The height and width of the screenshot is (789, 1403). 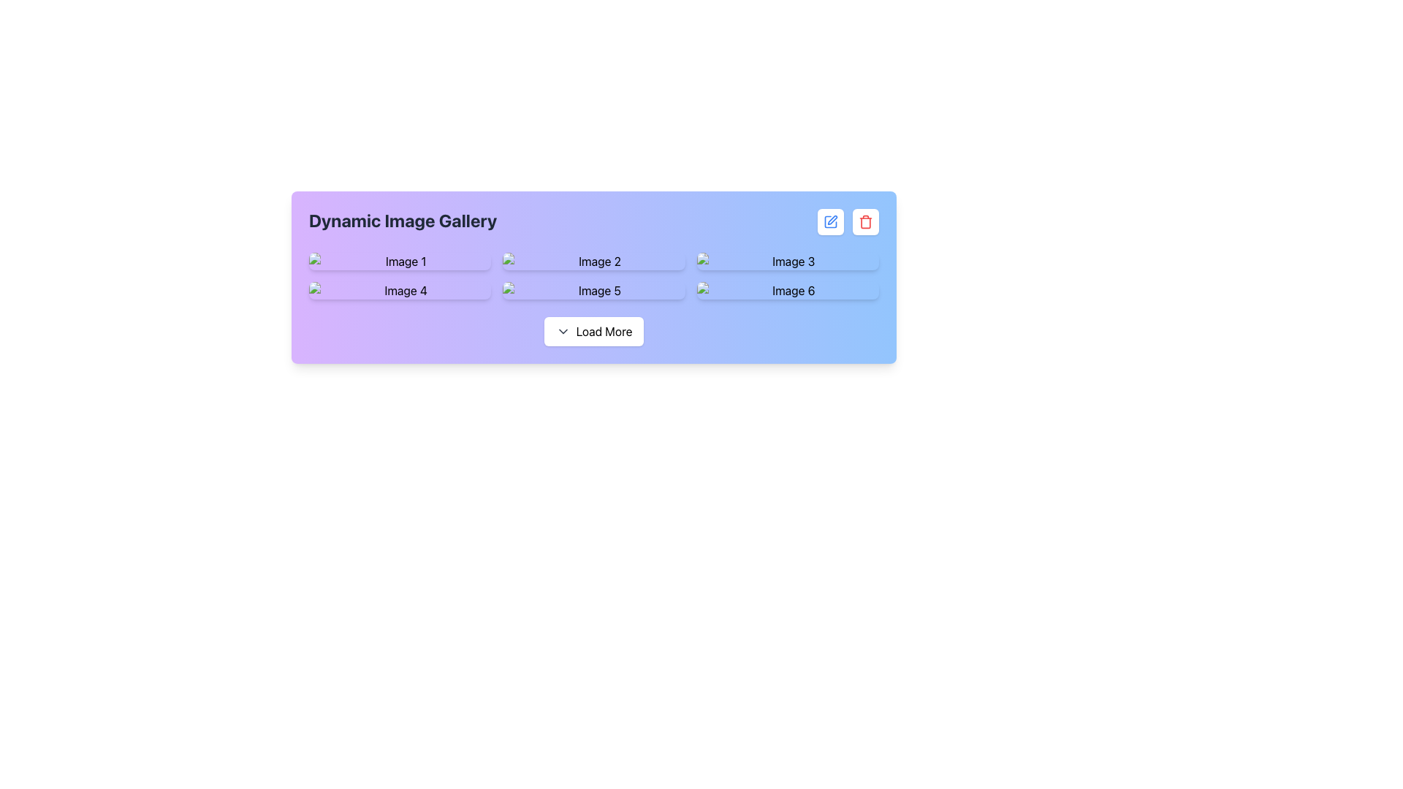 I want to click on the downwards-pointing chevron icon located within the 'Load More' button, which is positioned next to its text label, so click(x=562, y=332).